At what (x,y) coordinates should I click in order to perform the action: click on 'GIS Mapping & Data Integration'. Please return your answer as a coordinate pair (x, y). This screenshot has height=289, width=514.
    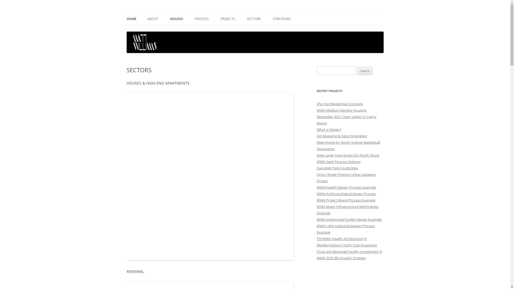
    Looking at the image, I should click on (341, 136).